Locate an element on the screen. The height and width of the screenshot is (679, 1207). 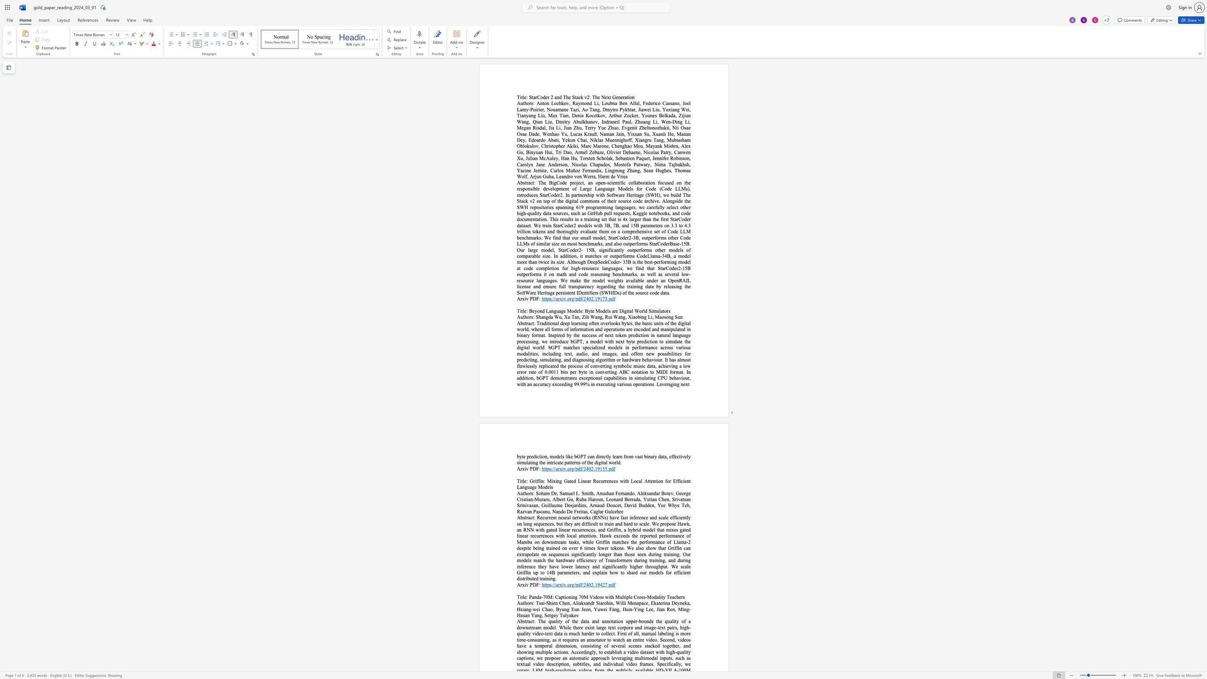
the space between the continuous character "c" and "t" in the text is located at coordinates (531, 621).